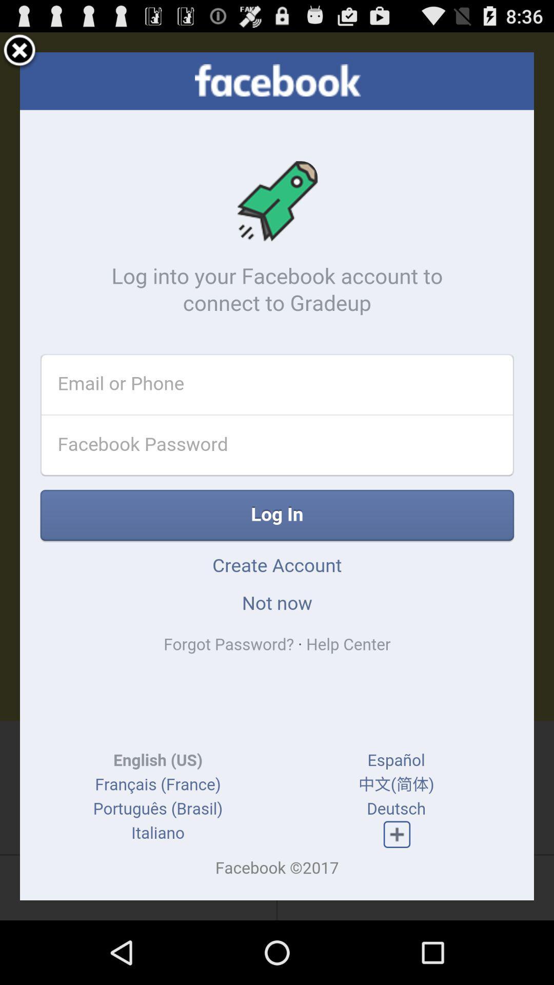  I want to click on close, so click(19, 51).